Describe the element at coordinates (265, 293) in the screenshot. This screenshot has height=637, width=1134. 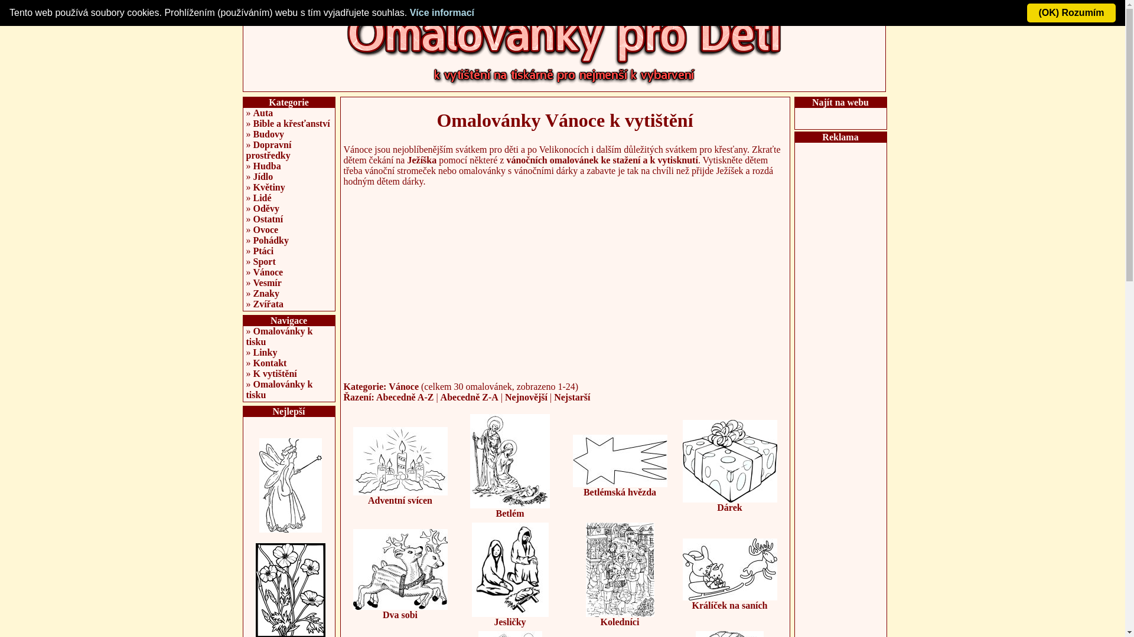
I see `'Znaky'` at that location.